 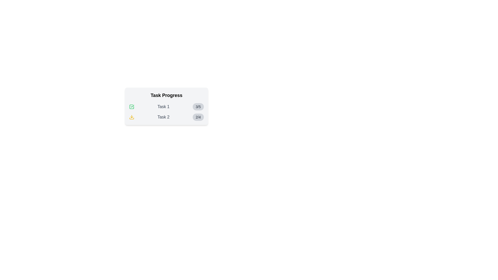 What do you see at coordinates (167, 117) in the screenshot?
I see `the second row item in the vertical list representing a task, which includes the task name and current progress` at bounding box center [167, 117].